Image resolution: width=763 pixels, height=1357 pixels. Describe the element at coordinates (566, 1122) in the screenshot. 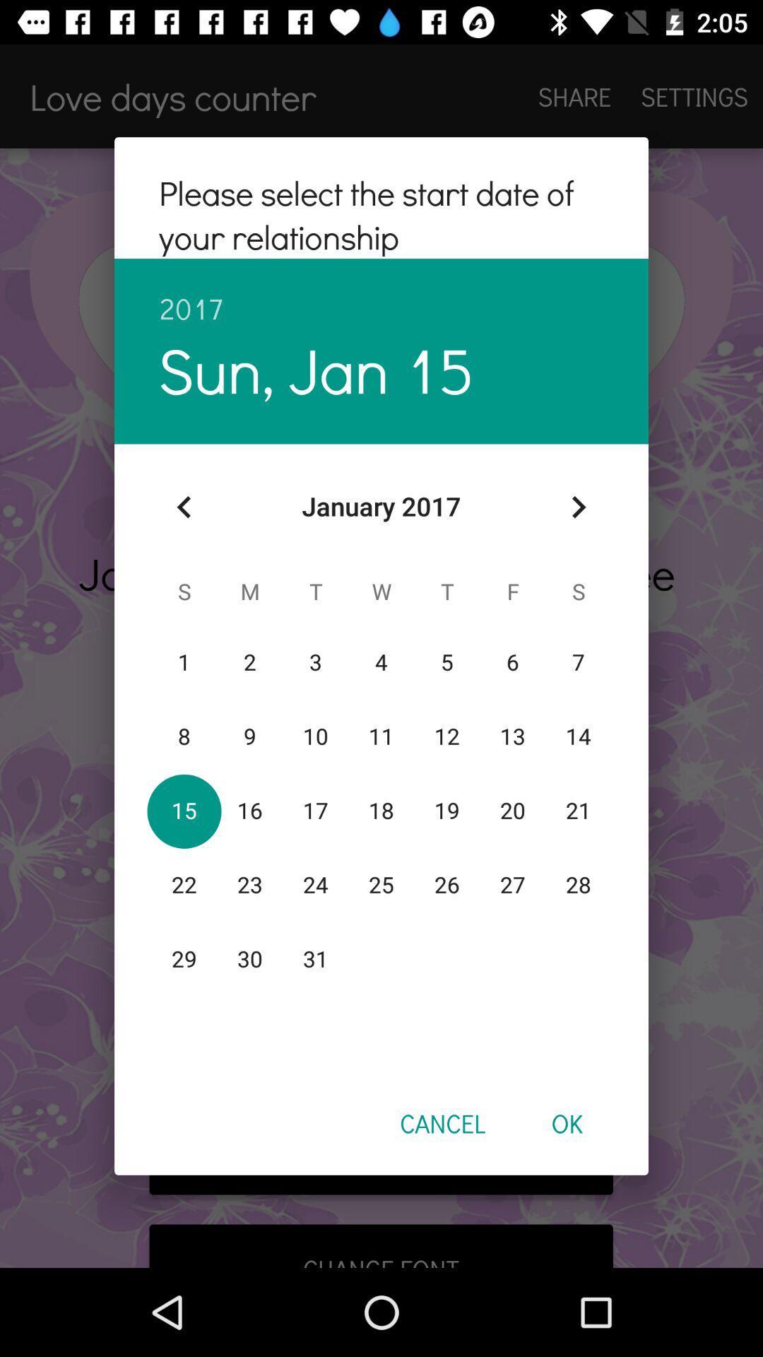

I see `the ok item` at that location.